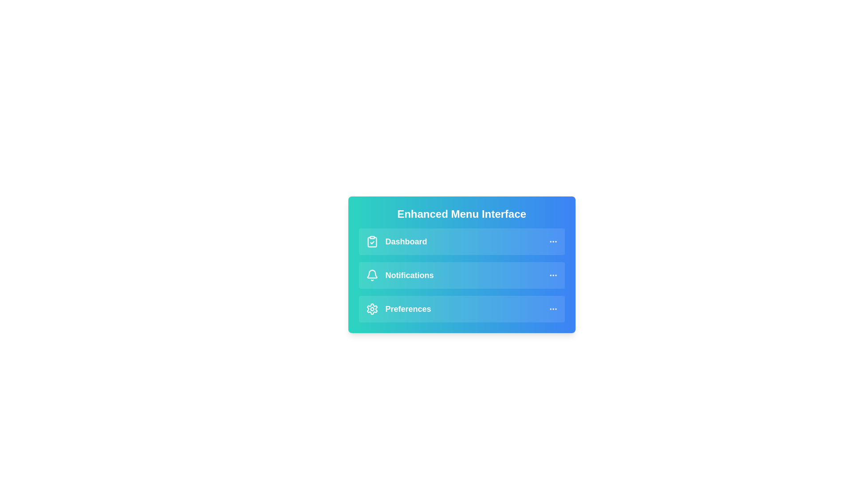  Describe the element at coordinates (372, 309) in the screenshot. I see `the cogwheel-shaped settings icon located at the leftmost position of the 'Preferences' row` at that location.